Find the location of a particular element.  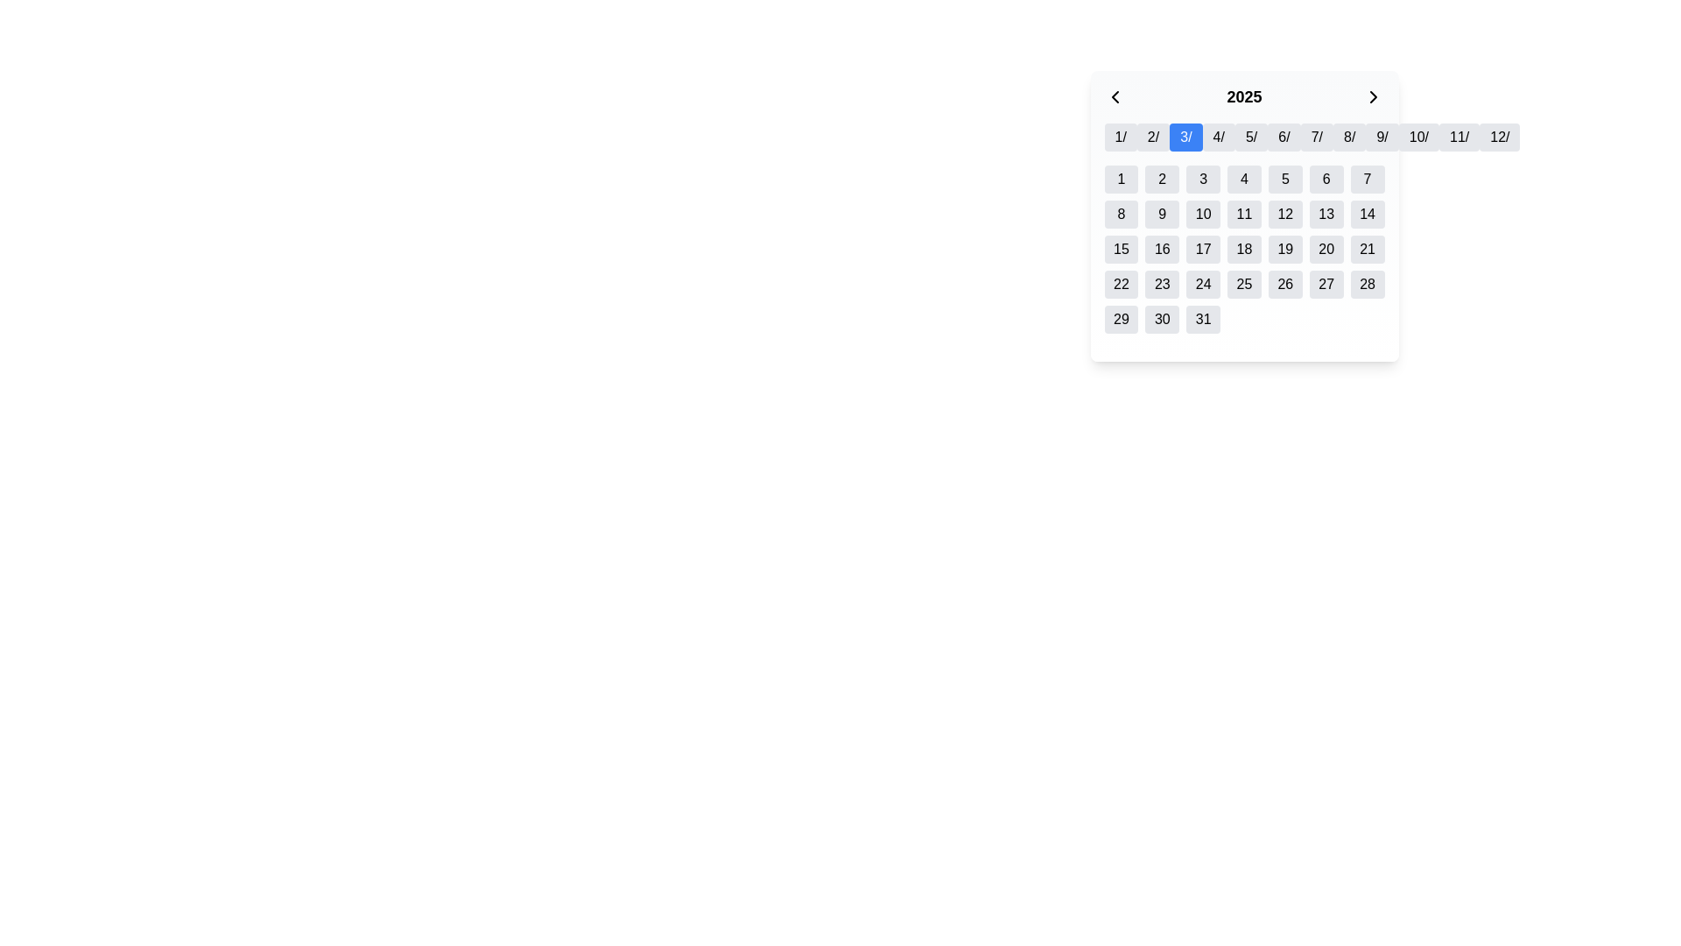

the interactive calendar date unit representing the 29th day for additional information is located at coordinates (1121, 320).